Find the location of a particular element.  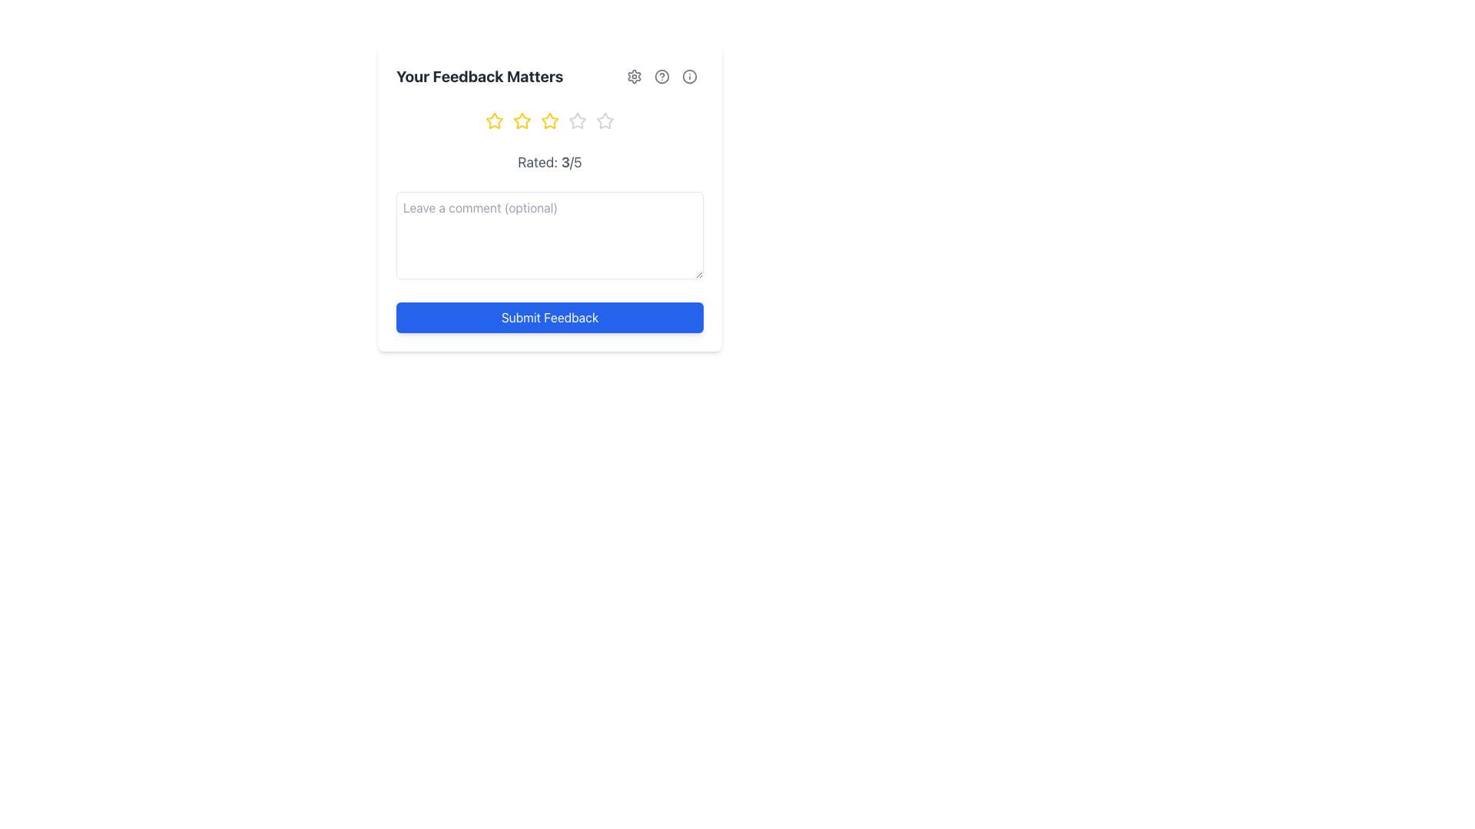

the circular information icon with a hollow outline and a vertical line inside, located at the top-right corner of the feedback widget is located at coordinates (688, 77).